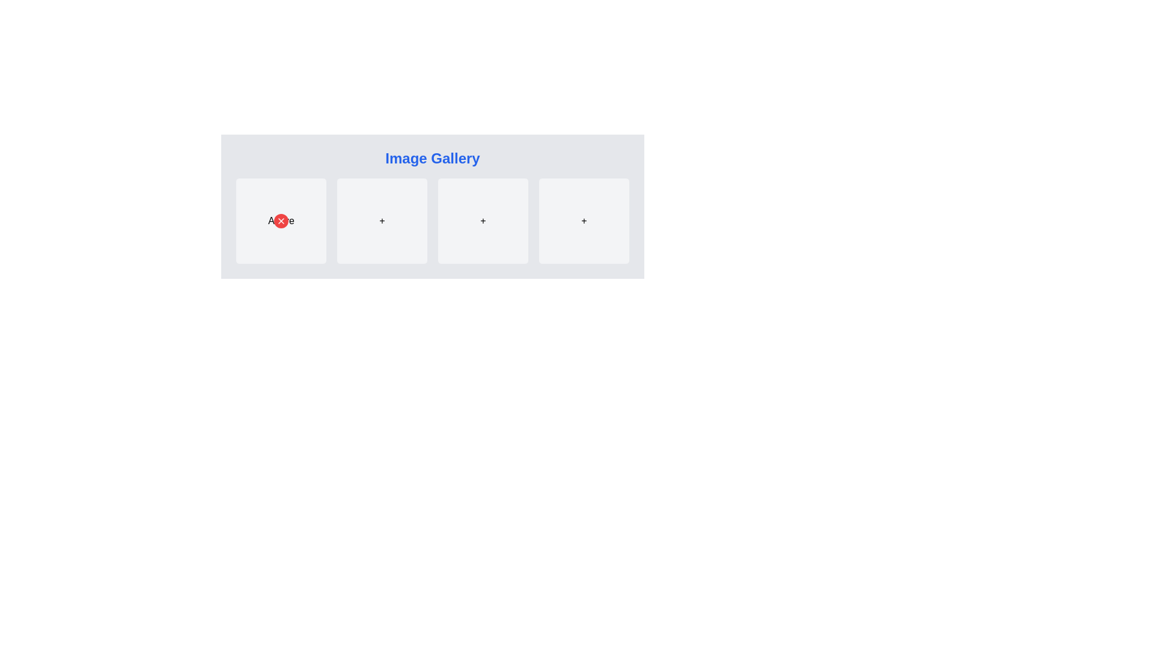 This screenshot has height=649, width=1154. I want to click on the '+' symbol in the Button-like placeholder for adding new content located in the 'Image Gallery', so click(483, 221).